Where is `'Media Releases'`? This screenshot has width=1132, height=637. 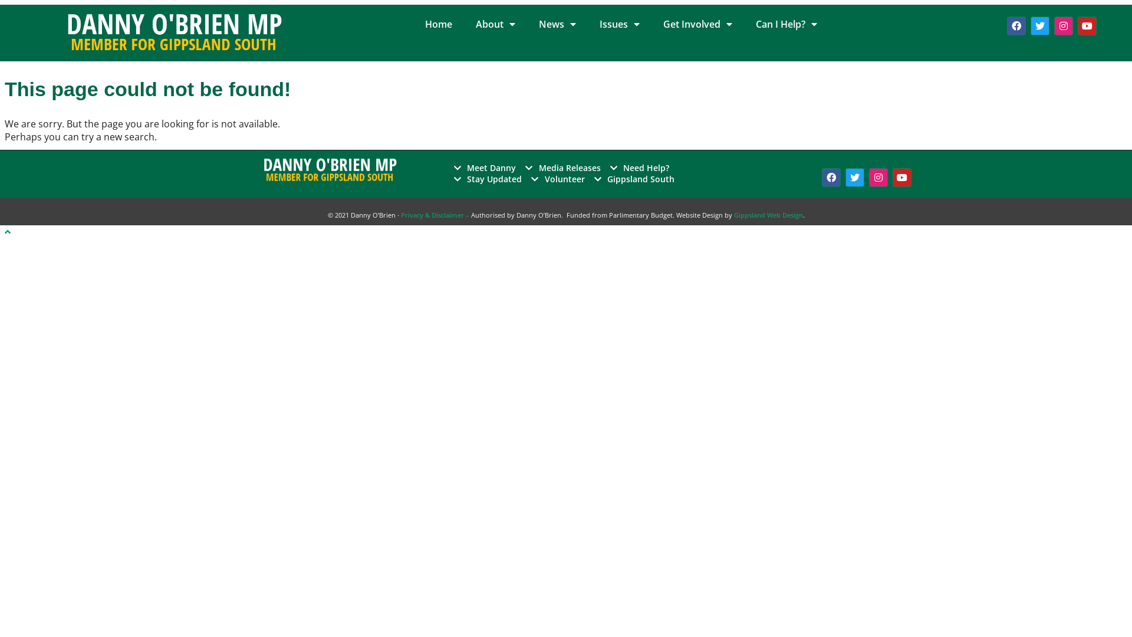
'Media Releases' is located at coordinates (562, 168).